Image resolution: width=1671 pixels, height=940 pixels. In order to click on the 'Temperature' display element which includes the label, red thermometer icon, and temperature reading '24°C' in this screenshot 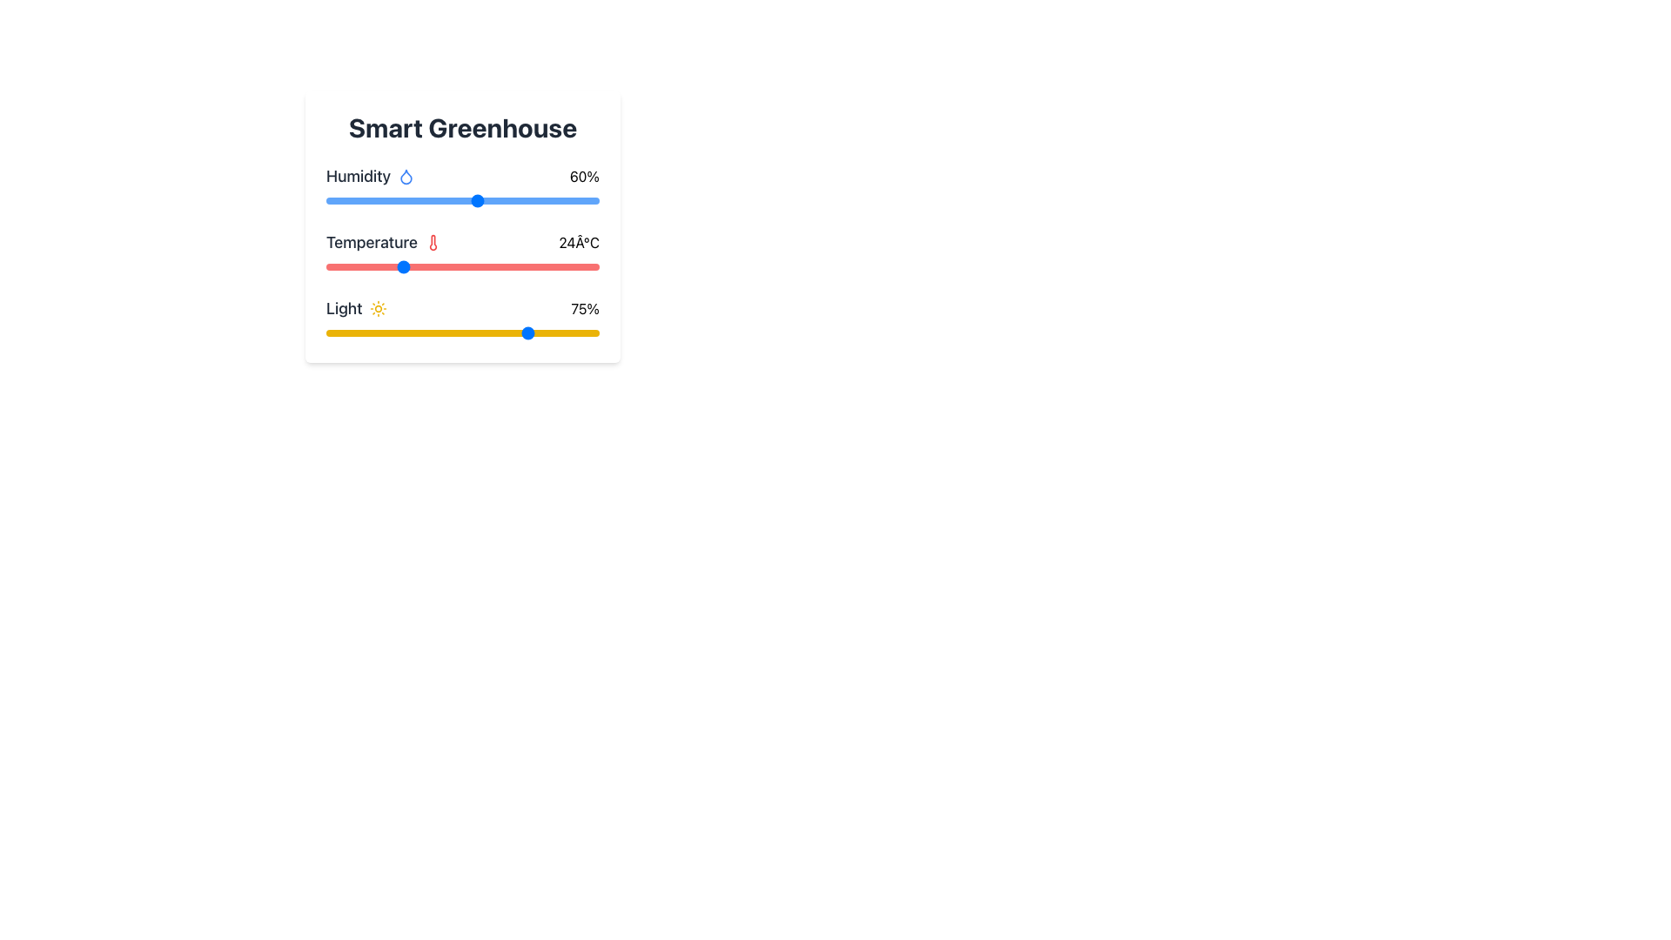, I will do `click(463, 242)`.